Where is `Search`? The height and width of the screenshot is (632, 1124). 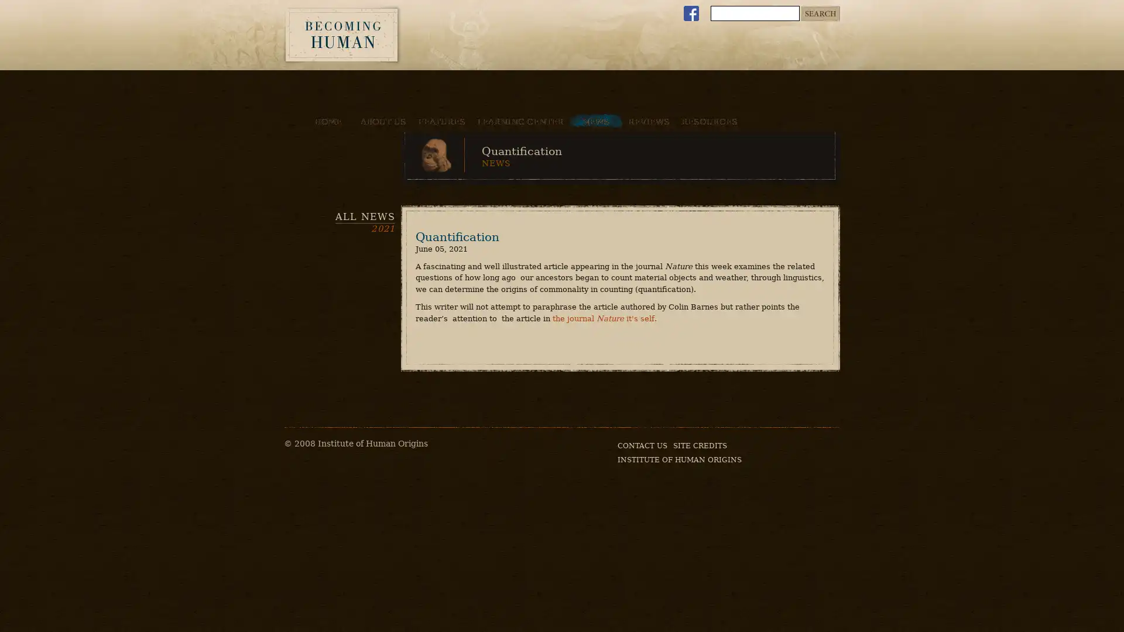 Search is located at coordinates (820, 13).